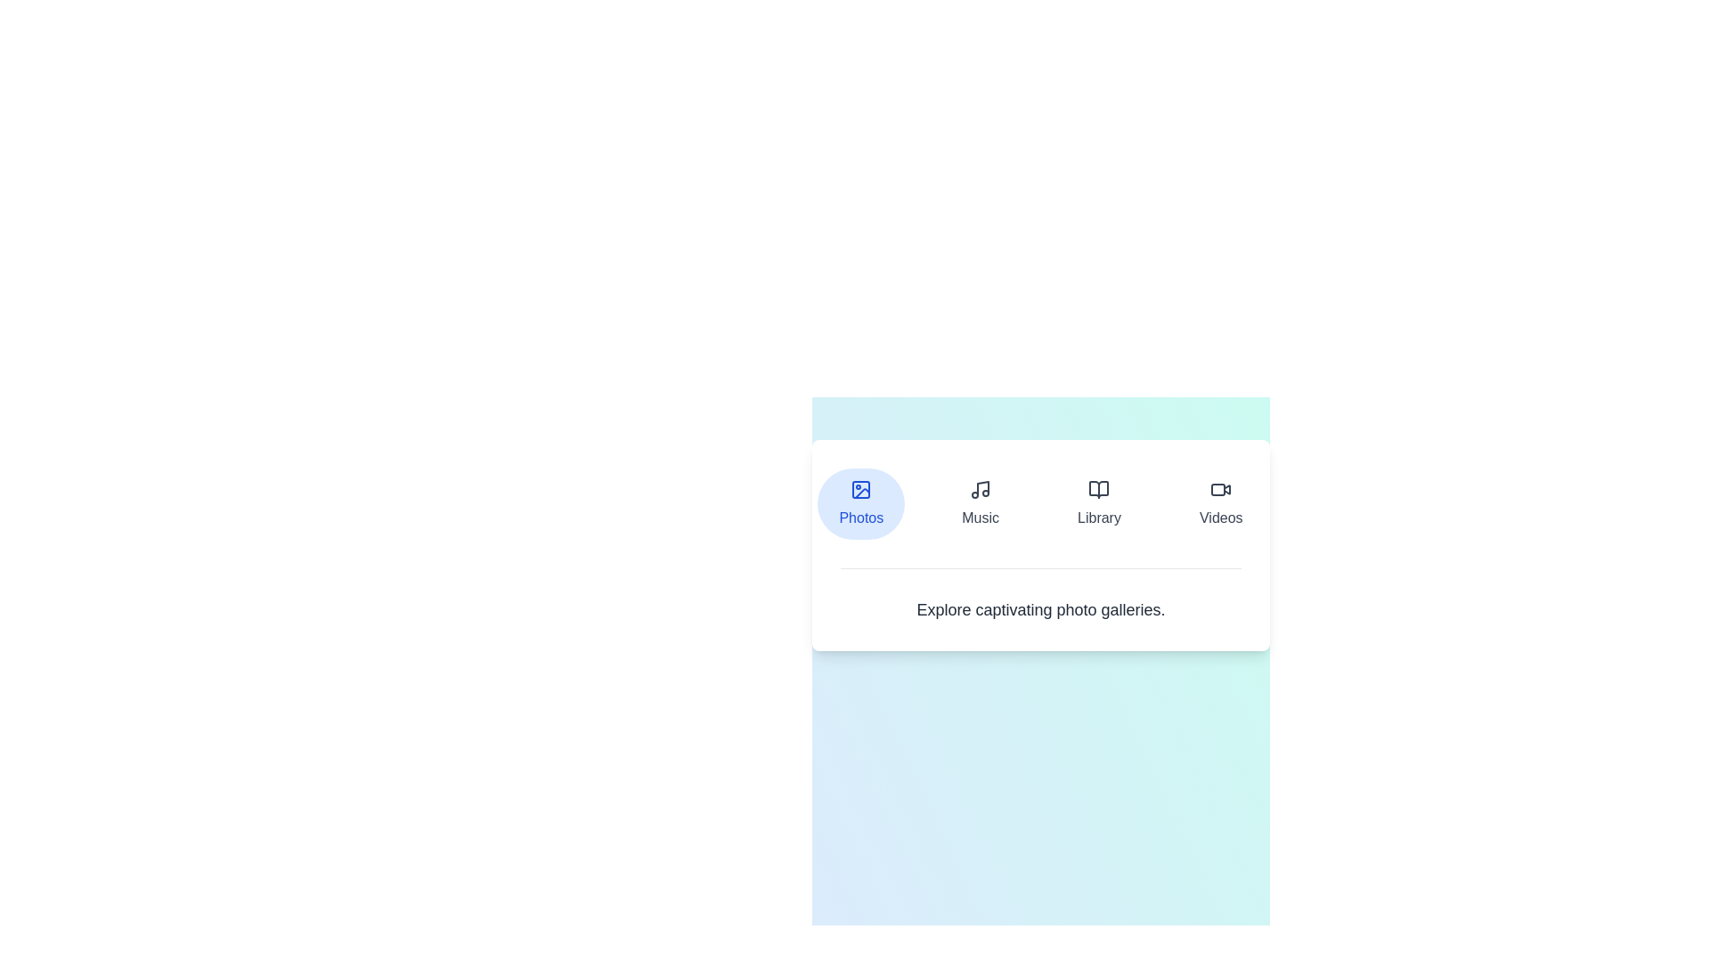  What do you see at coordinates (980, 504) in the screenshot?
I see `the 'Music' button, which is represented by a musical note icon followed by the label 'Music', located in the navigation menu near the top-center of the interface` at bounding box center [980, 504].